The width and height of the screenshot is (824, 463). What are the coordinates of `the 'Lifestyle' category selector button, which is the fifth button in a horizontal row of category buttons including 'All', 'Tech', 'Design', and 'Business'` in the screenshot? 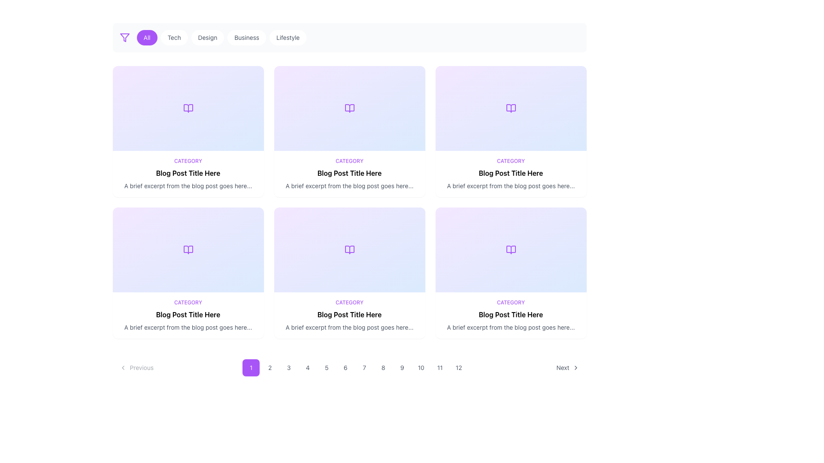 It's located at (288, 37).